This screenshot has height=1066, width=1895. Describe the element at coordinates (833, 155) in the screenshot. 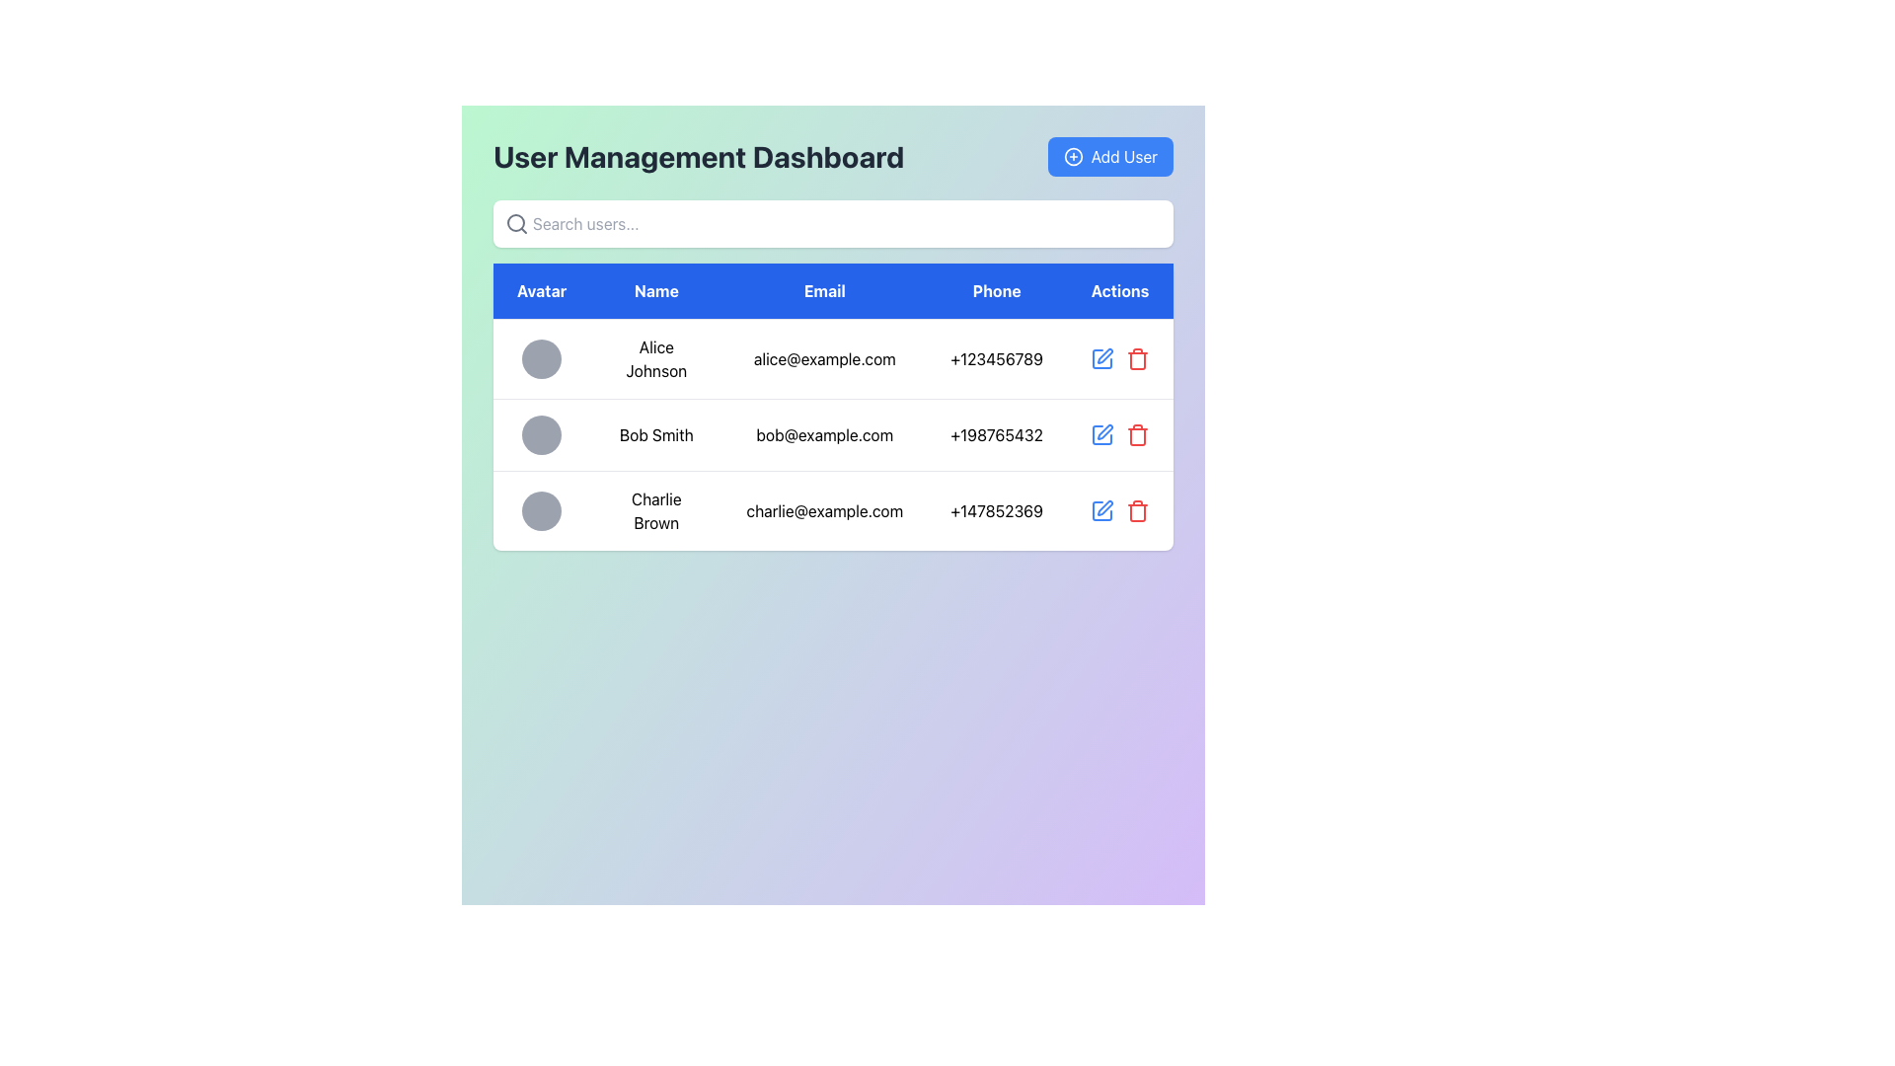

I see `header text 'User Management Dashboard' from the horizontal header bar with a gradient background, which also contains an 'Add User' button on the right` at that location.